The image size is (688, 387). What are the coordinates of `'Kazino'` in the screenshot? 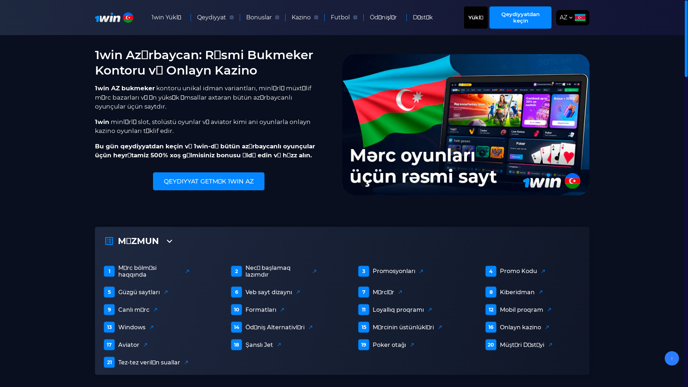 It's located at (301, 17).